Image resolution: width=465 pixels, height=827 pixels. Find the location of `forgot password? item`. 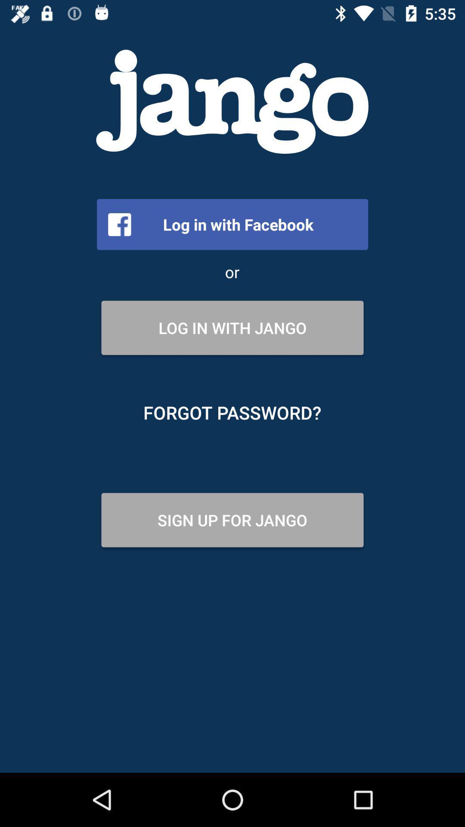

forgot password? item is located at coordinates (232, 412).